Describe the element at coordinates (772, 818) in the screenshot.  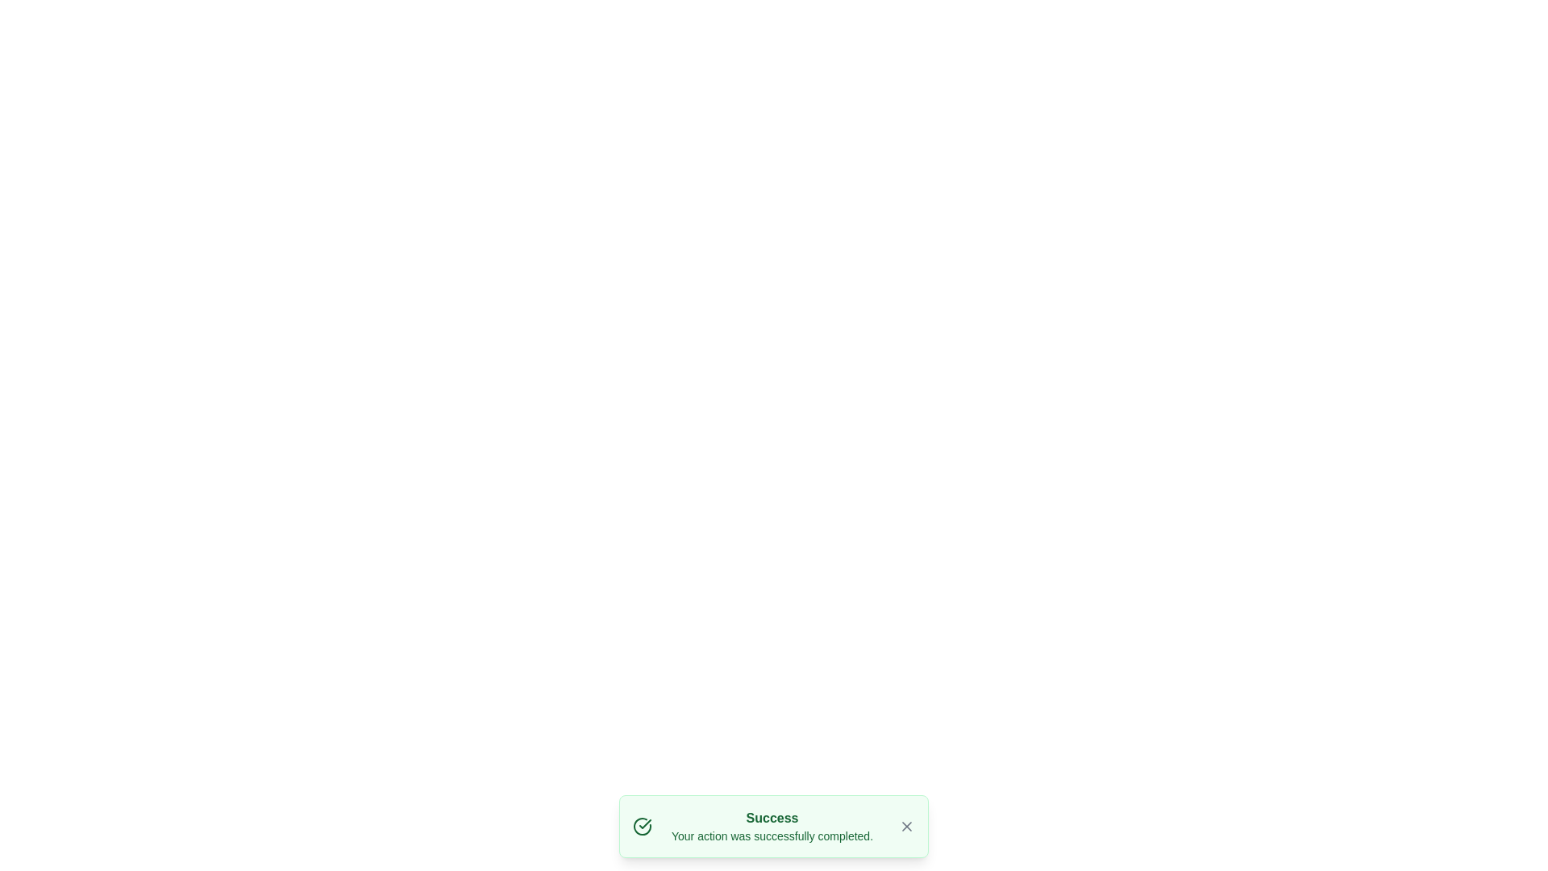
I see `the bolded text displaying 'Success' in dark green color, which is centered at the top of the notification box` at that location.